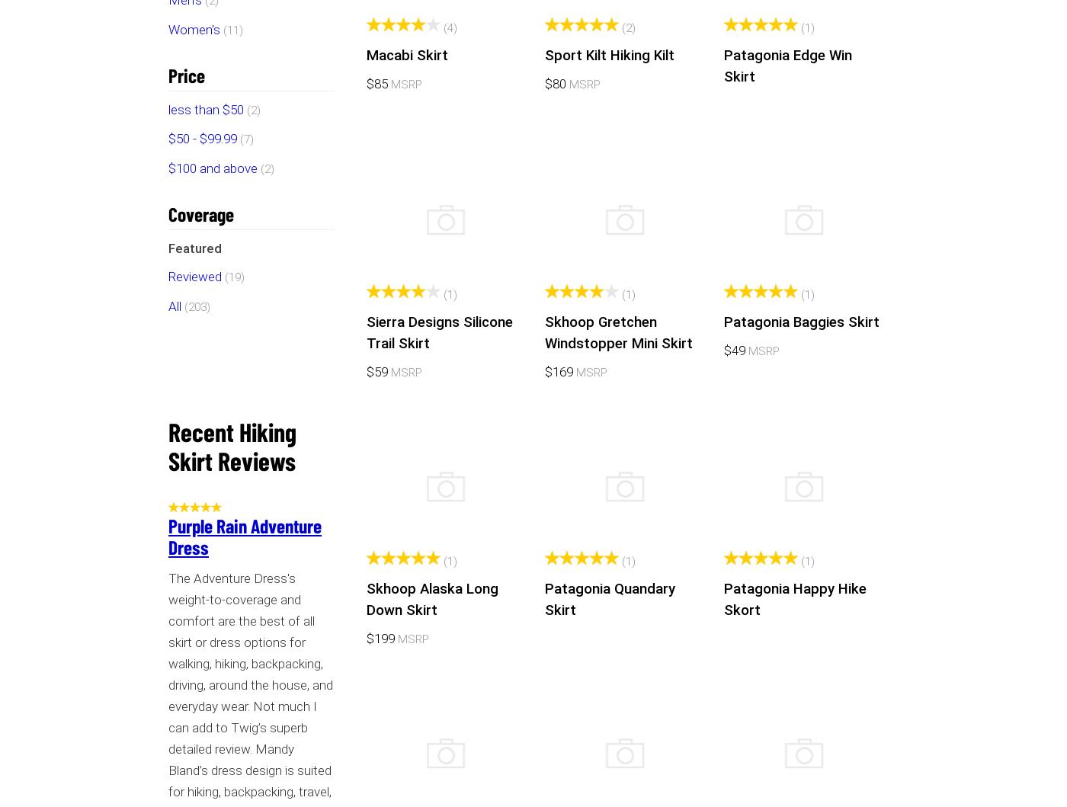  Describe the element at coordinates (735, 349) in the screenshot. I see `'$49'` at that location.